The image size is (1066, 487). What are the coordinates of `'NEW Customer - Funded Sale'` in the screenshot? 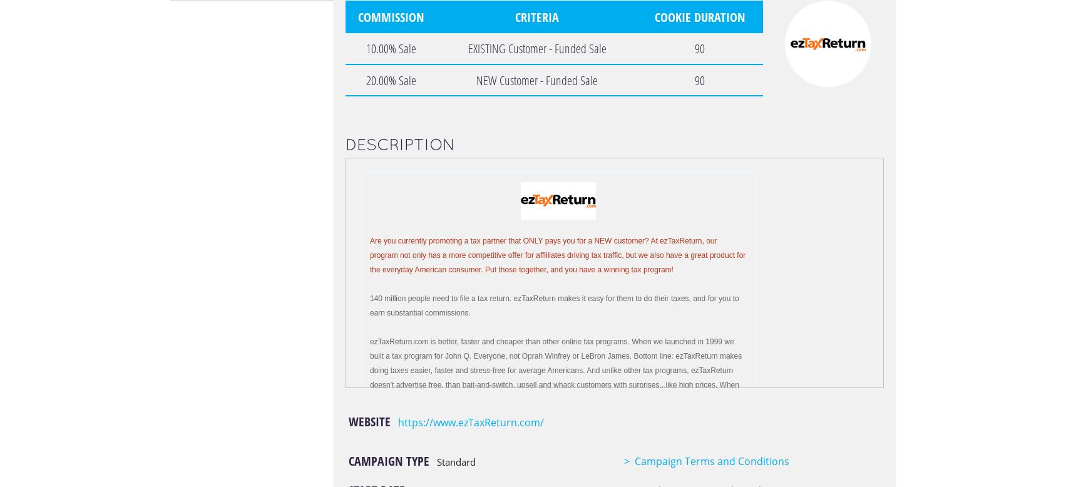 It's located at (536, 79).